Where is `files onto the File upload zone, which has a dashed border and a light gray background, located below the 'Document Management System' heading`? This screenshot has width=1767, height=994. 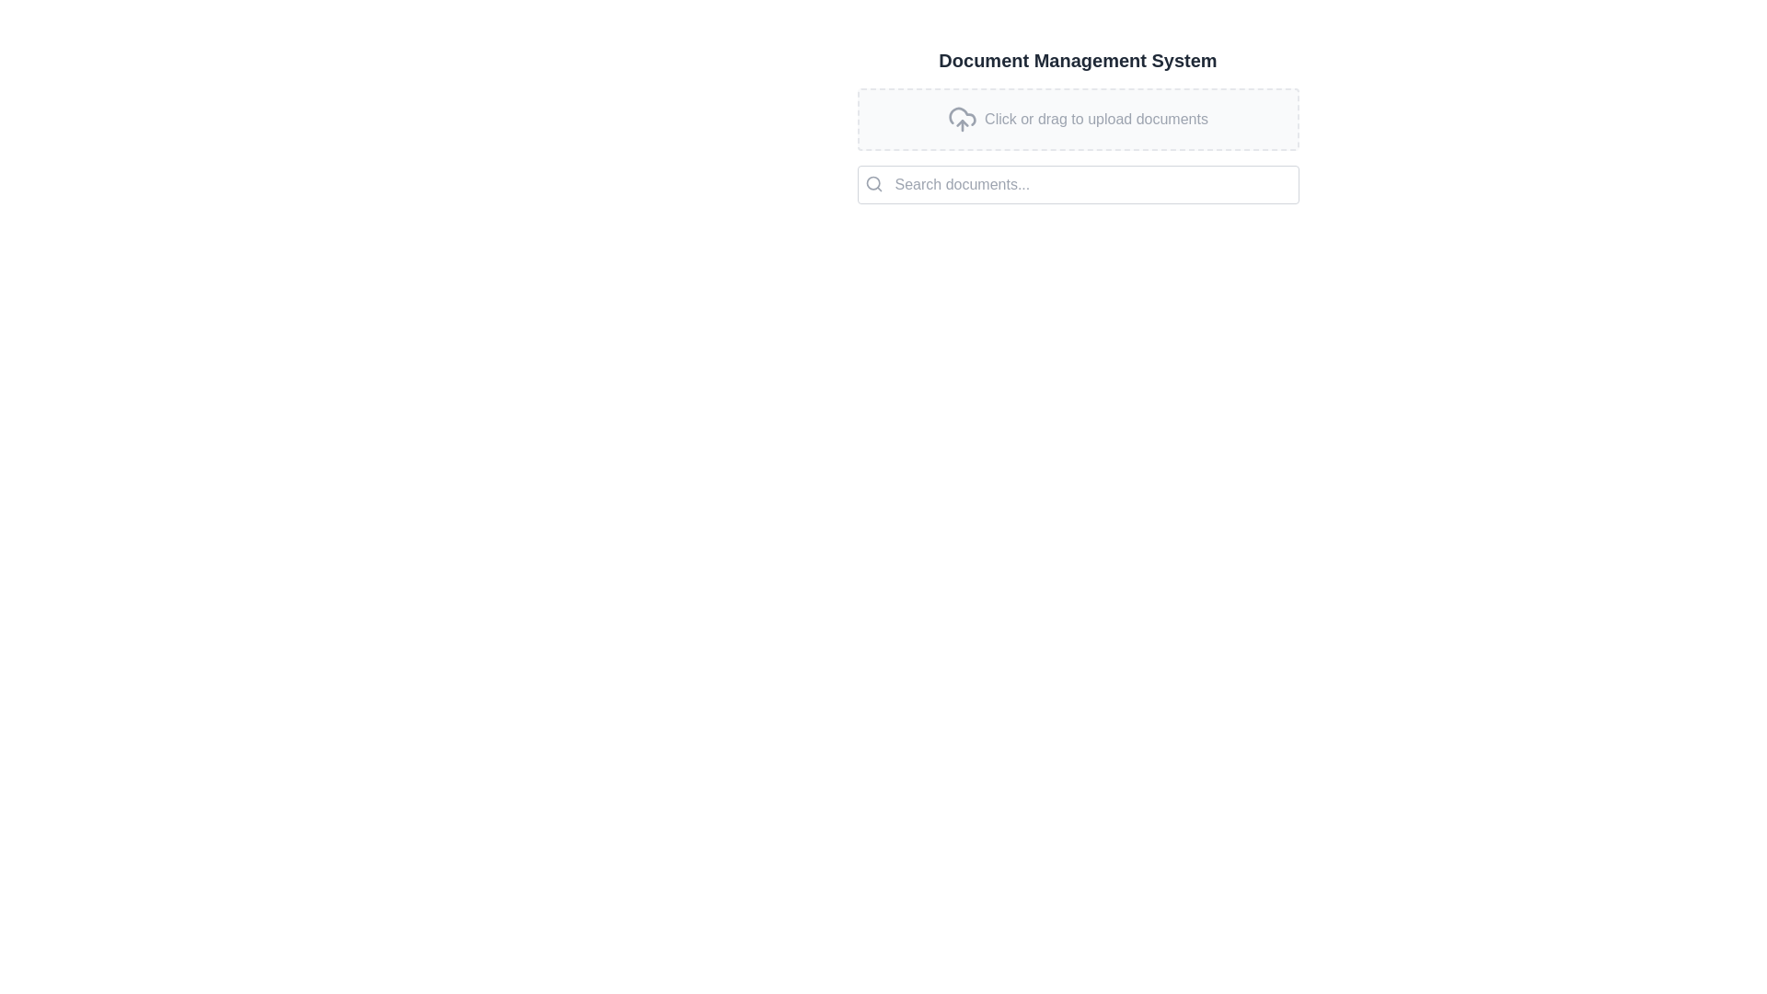
files onto the File upload zone, which has a dashed border and a light gray background, located below the 'Document Management System' heading is located at coordinates (1078, 133).